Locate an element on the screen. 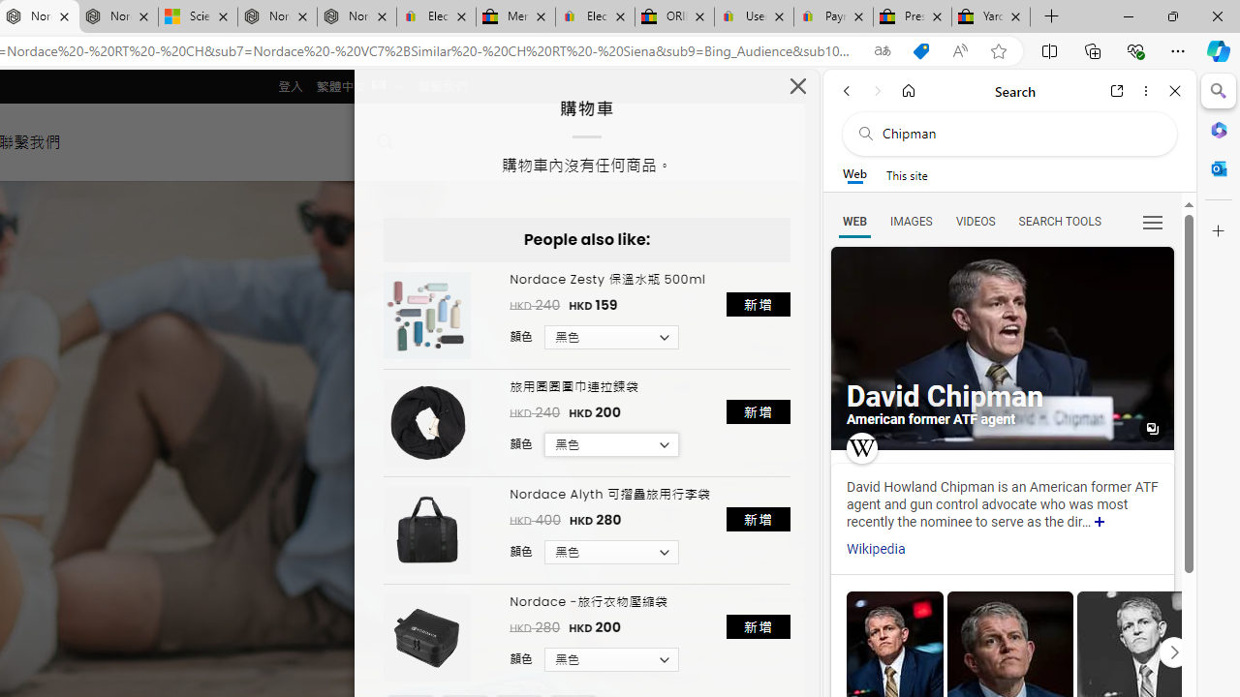 The width and height of the screenshot is (1240, 697). 'Nordace - Summer Adventures 2024' is located at coordinates (276, 16).